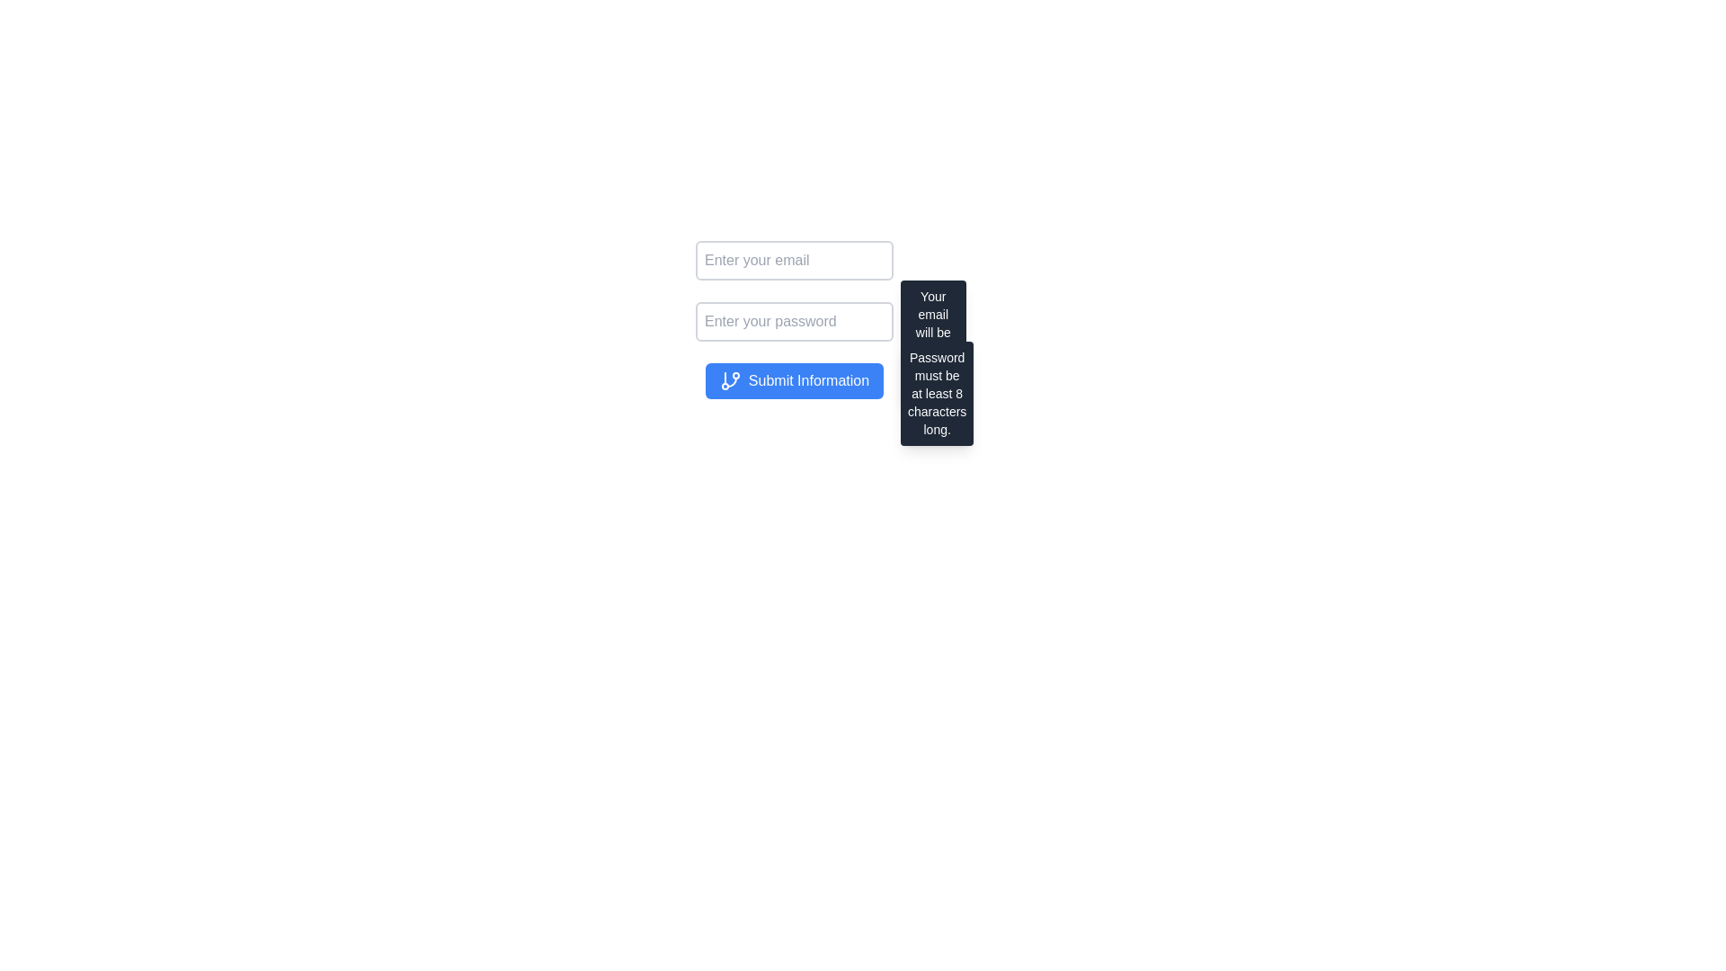 The width and height of the screenshot is (1726, 971). What do you see at coordinates (793, 260) in the screenshot?
I see `the text input field for entering email address, which is the first input field in a vertical stack above the password input field, to place the cursor inside` at bounding box center [793, 260].